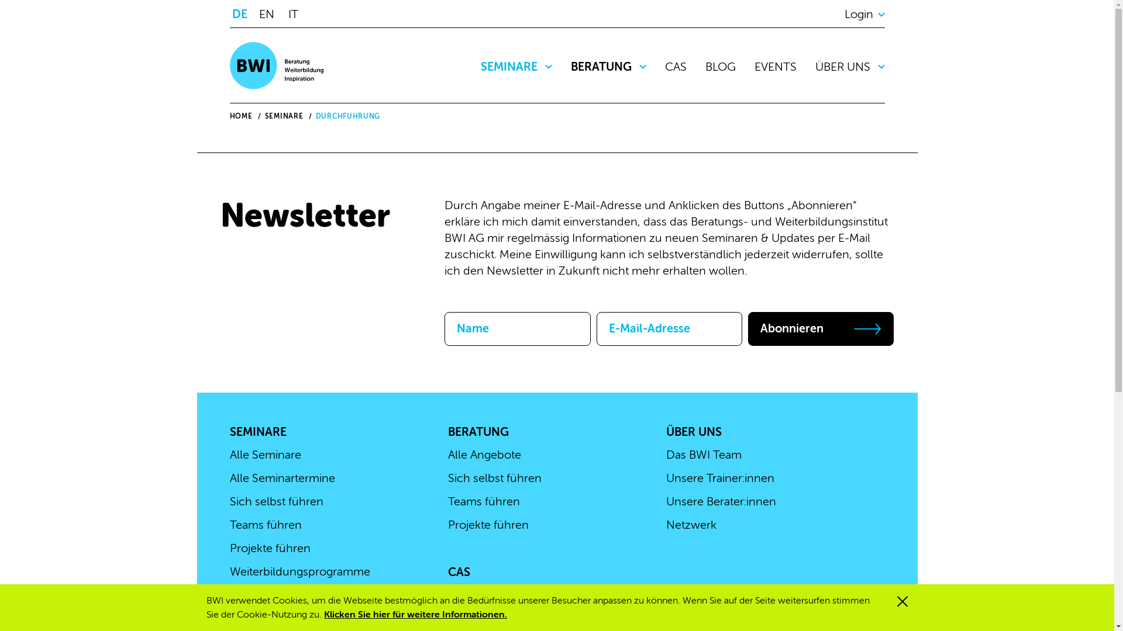  Describe the element at coordinates (666, 454) in the screenshot. I see `'Das BWI Team'` at that location.